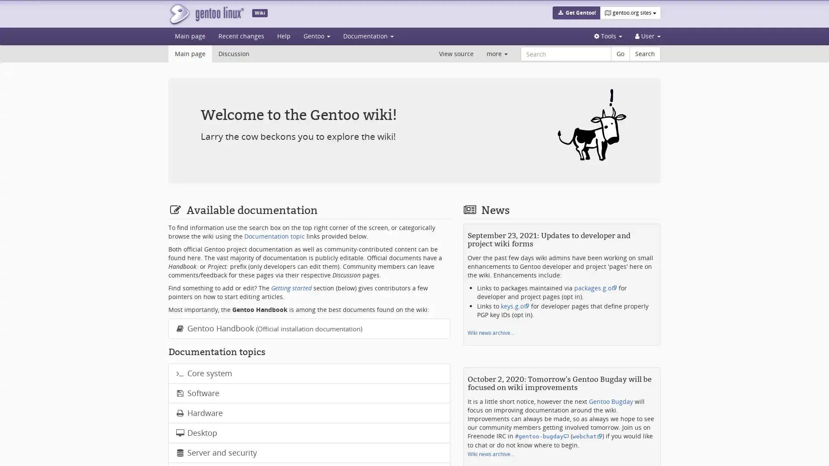 This screenshot has width=829, height=466. Describe the element at coordinates (648, 36) in the screenshot. I see `Personal tools User` at that location.